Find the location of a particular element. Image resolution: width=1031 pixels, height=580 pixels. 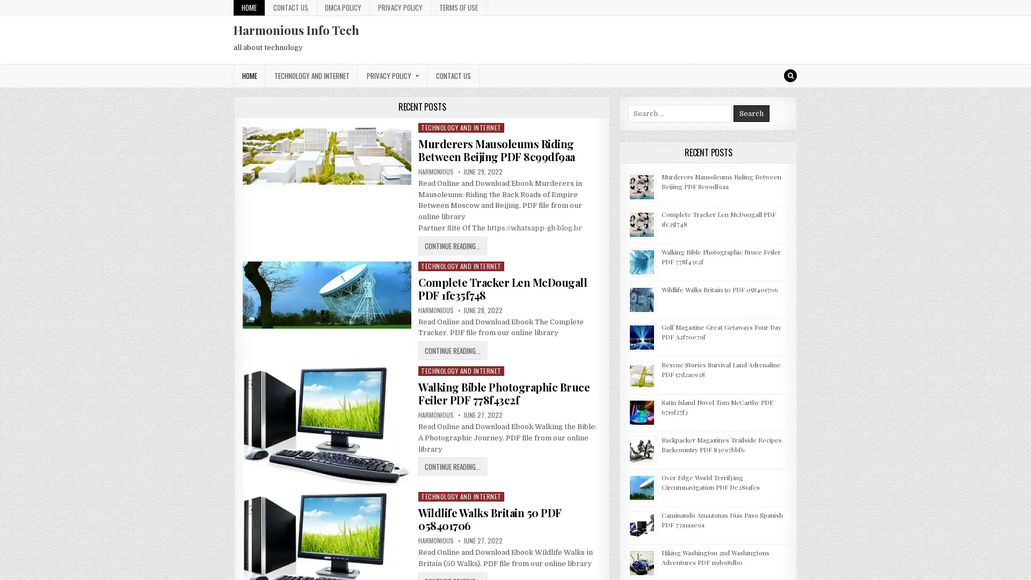

Search is located at coordinates (751, 113).